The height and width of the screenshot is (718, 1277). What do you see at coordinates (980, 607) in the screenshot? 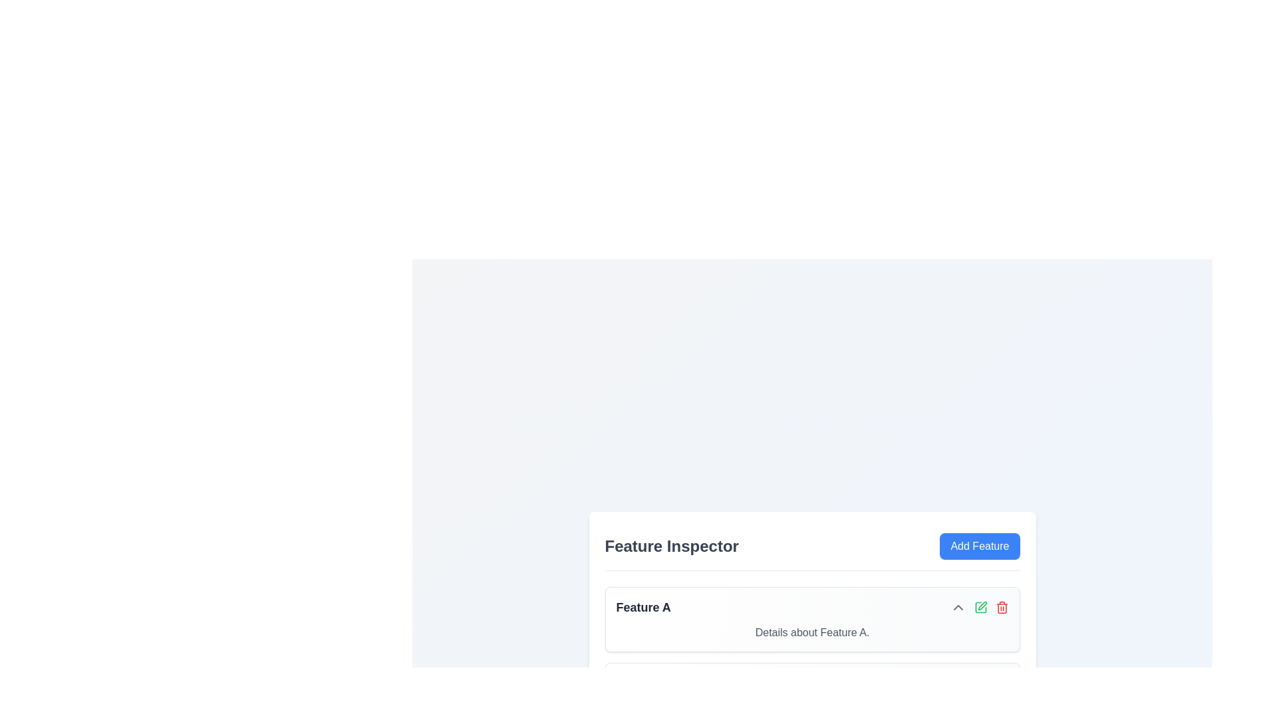
I see `the edit button represented by a pen icon located in the top-right corner of the feature card` at bounding box center [980, 607].